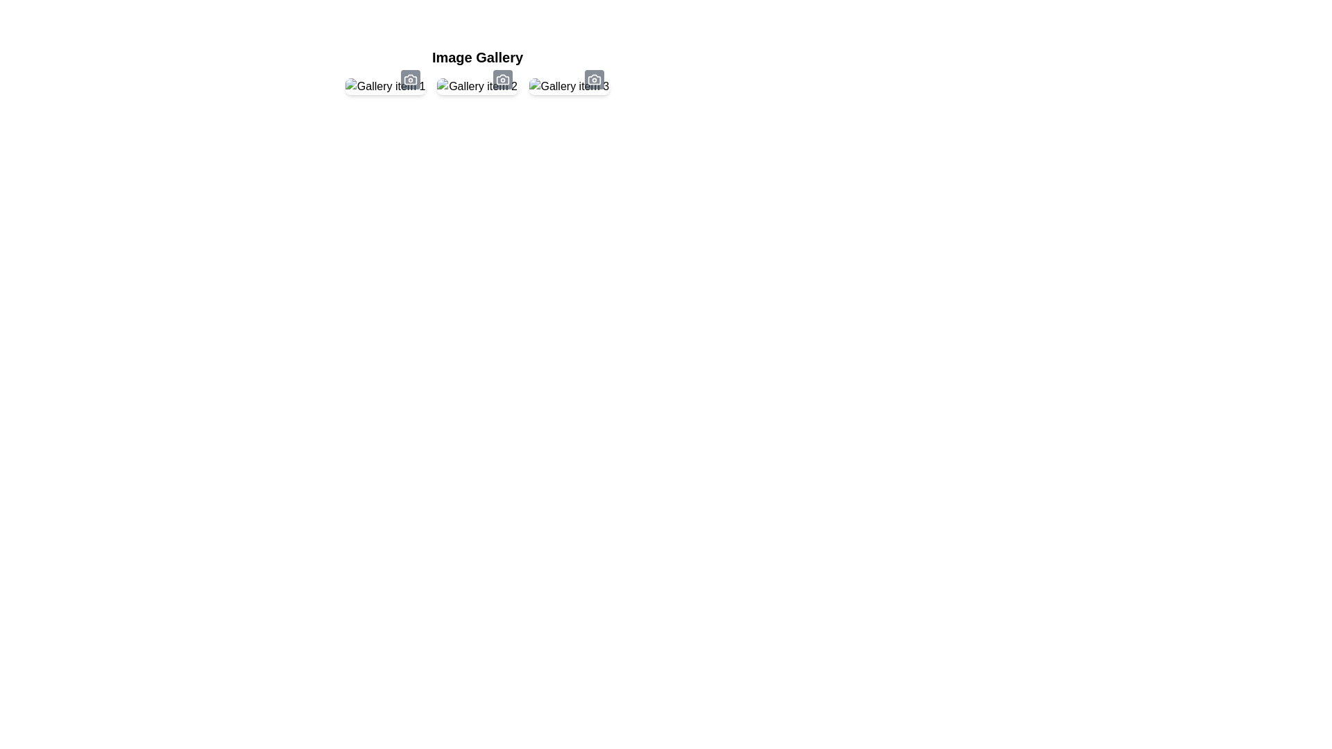  What do you see at coordinates (502, 80) in the screenshot?
I see `the indicator icon for capturing or viewing an image located at the bottom-right corner of the thumbnail labeled 'Gallery item 2' in the second position of the row under the 'Image Gallery' heading` at bounding box center [502, 80].